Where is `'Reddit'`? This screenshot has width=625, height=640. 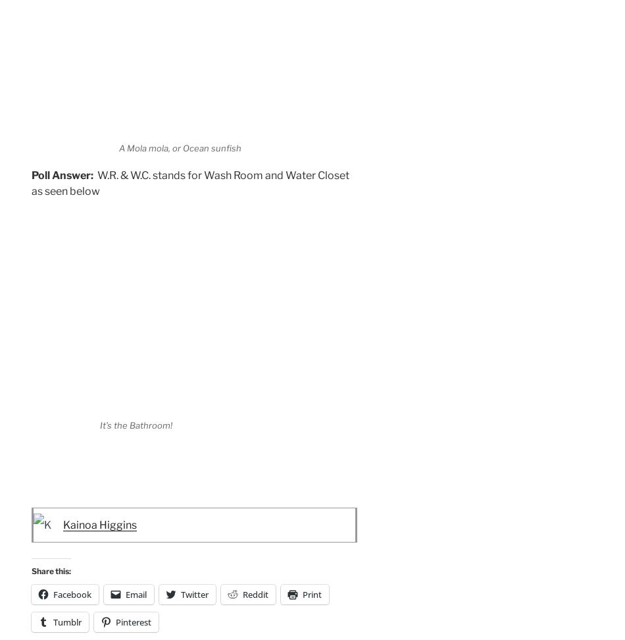 'Reddit' is located at coordinates (255, 594).